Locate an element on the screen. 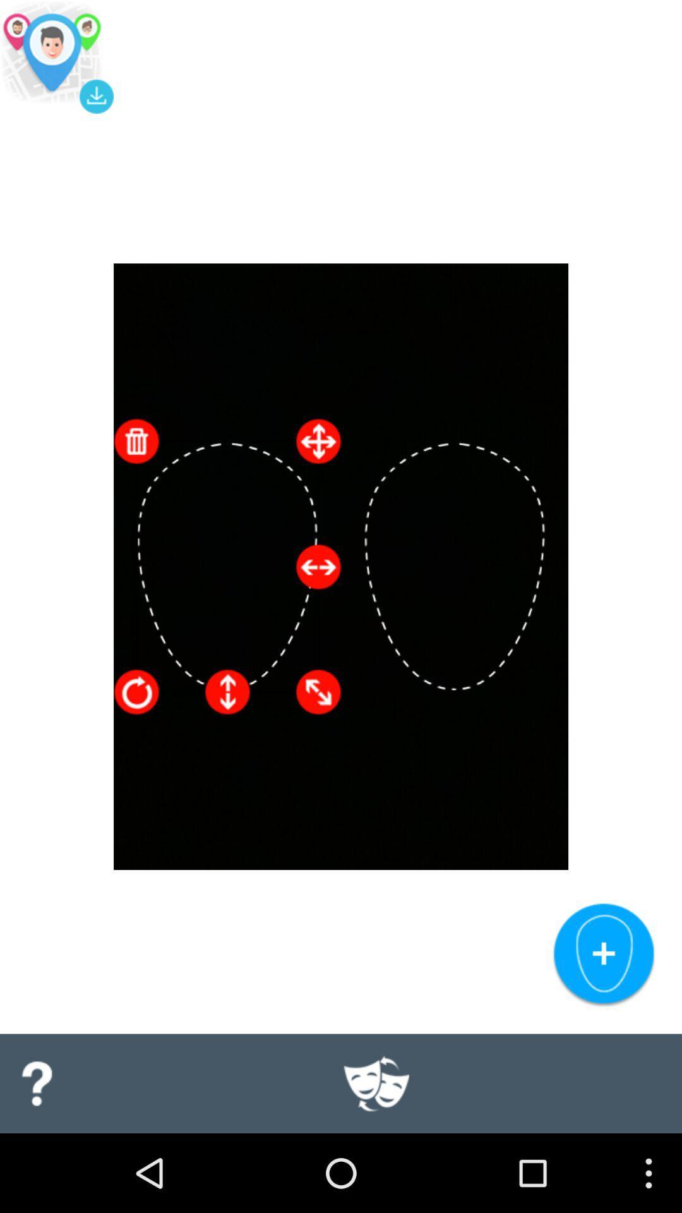 The height and width of the screenshot is (1213, 682). the location icon is located at coordinates (56, 60).